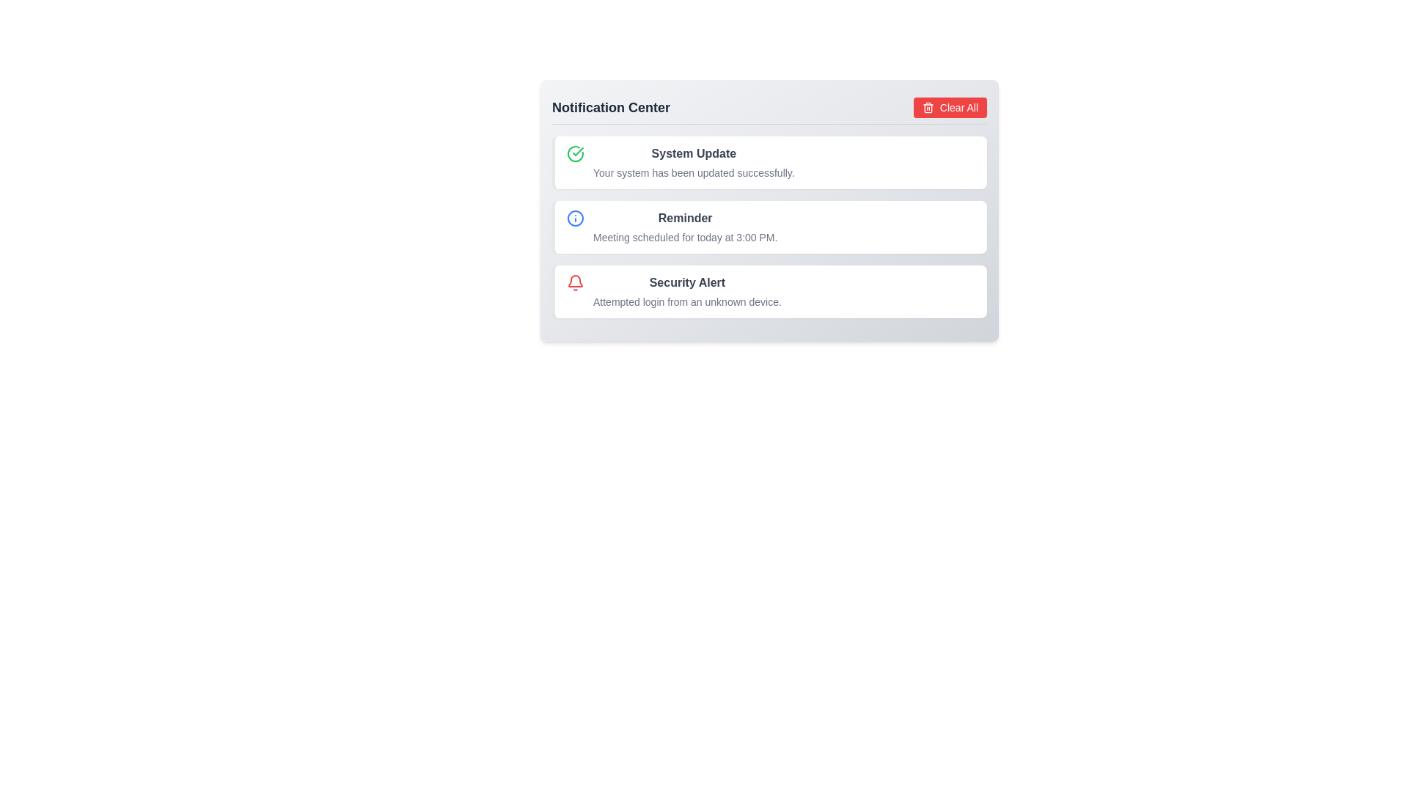 The image size is (1408, 792). What do you see at coordinates (769, 163) in the screenshot?
I see `text content of the first notification card in the Notification Center, which indicates a successful system update` at bounding box center [769, 163].